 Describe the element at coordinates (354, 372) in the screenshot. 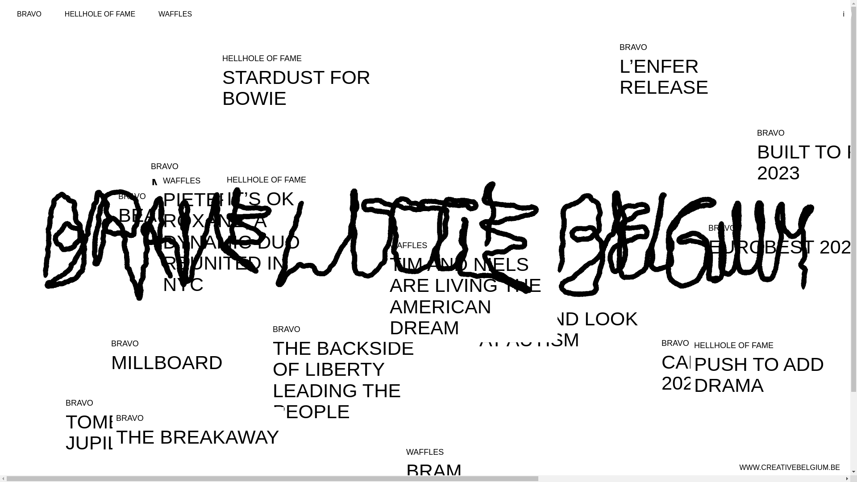

I see `'BRAVO` at that location.